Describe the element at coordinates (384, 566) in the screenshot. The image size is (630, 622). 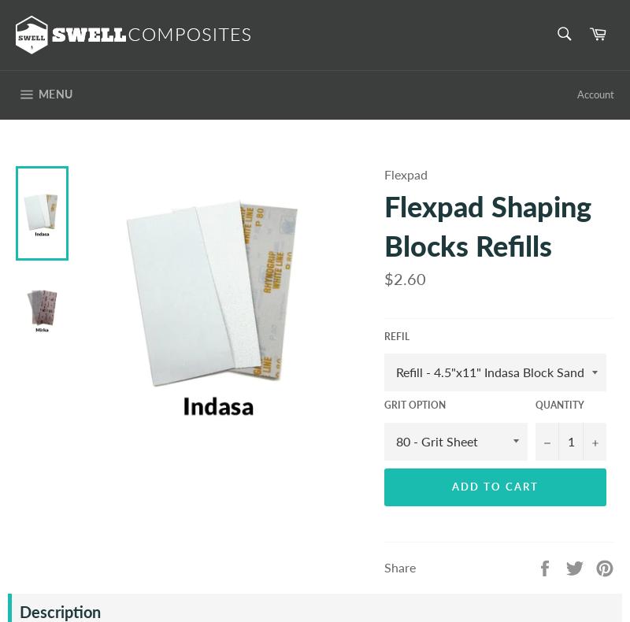
I see `'Share'` at that location.